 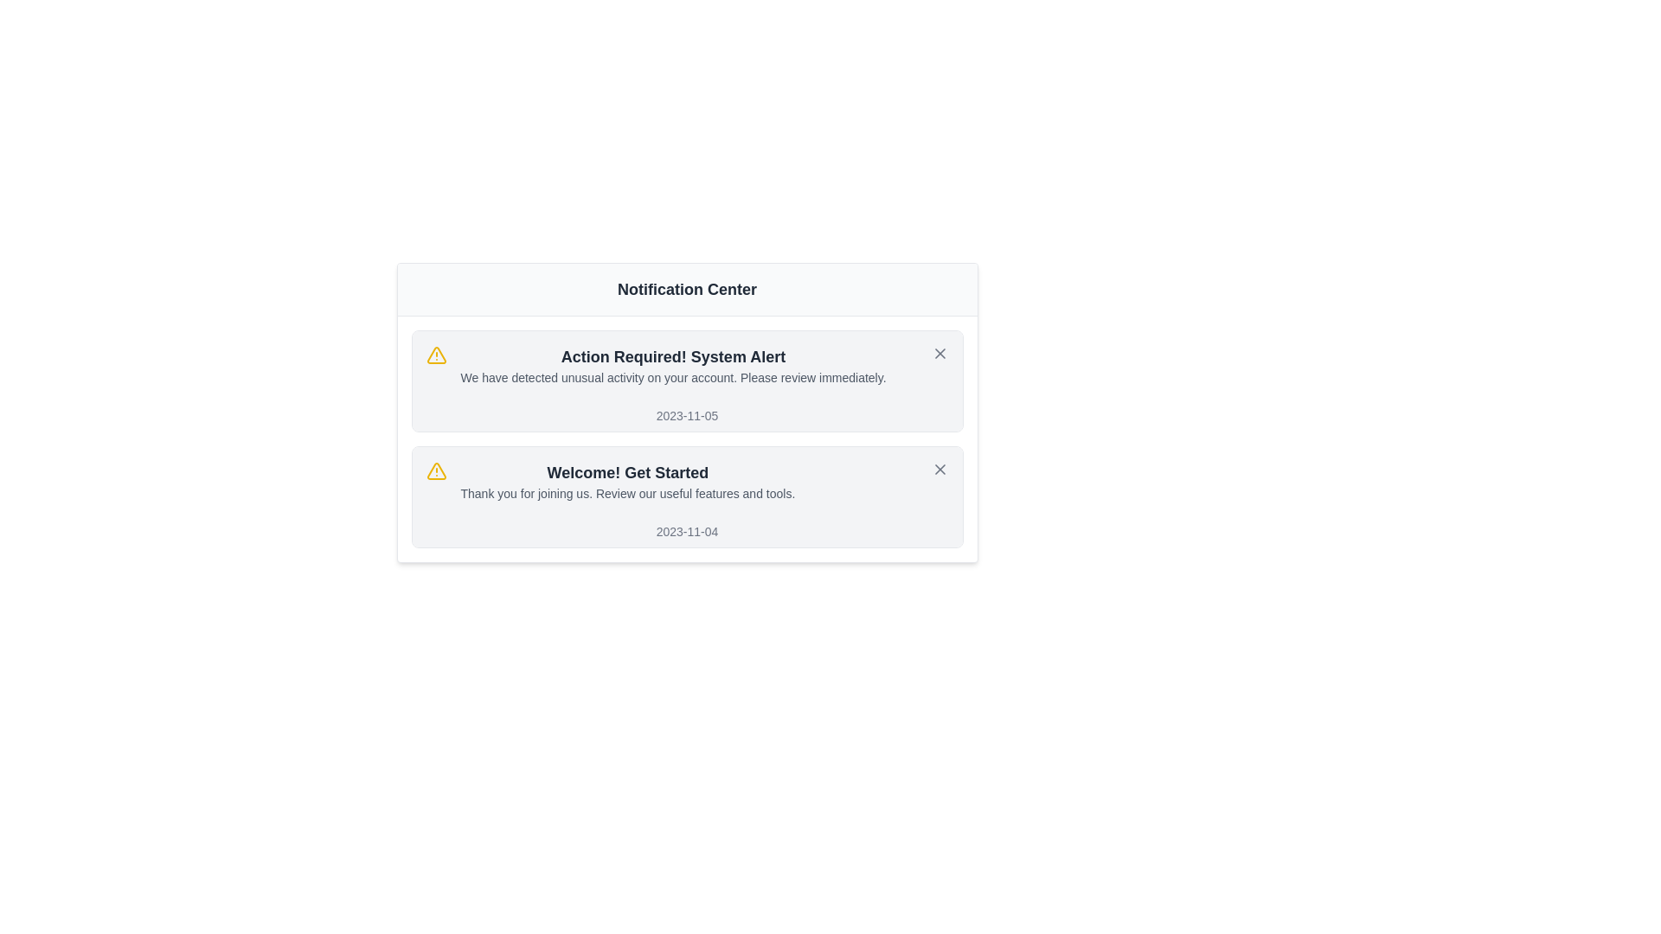 I want to click on the close button icon located to the right of the text 'Action Required! System Alert' in the top notification entry, so click(x=939, y=470).